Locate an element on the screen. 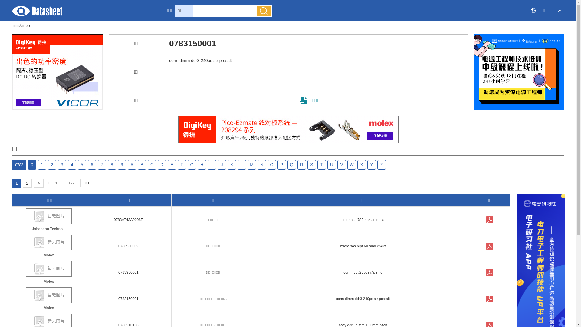 The width and height of the screenshot is (581, 327). 'Q' is located at coordinates (292, 165).